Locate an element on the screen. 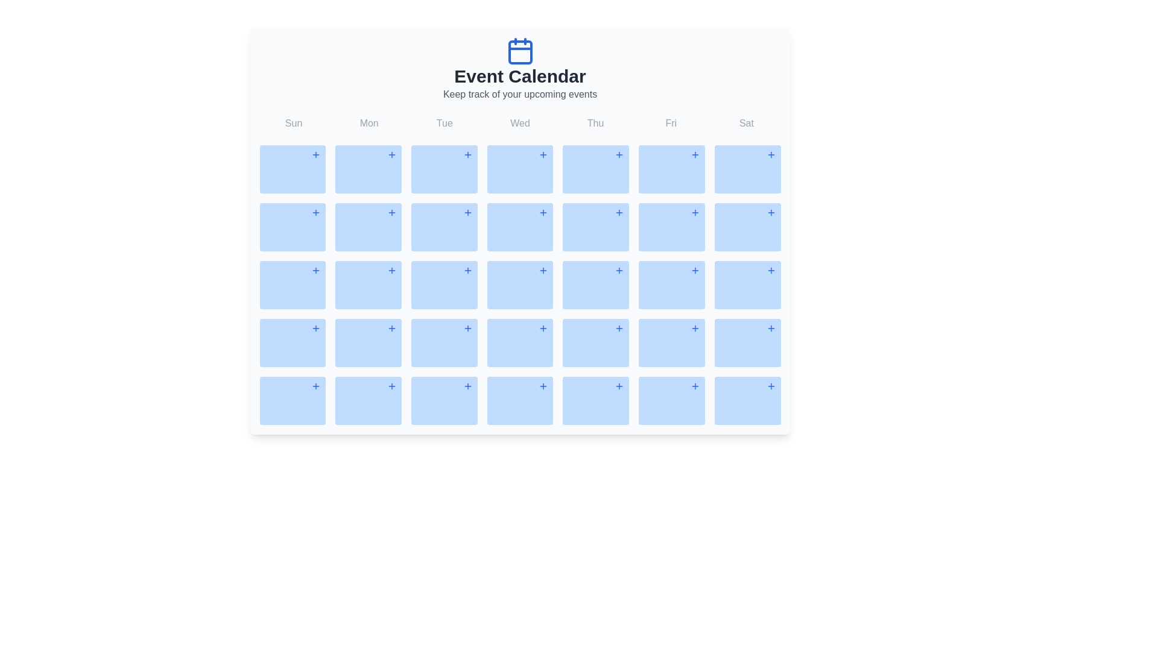 The height and width of the screenshot is (651, 1158). the last block in the sixth row of a 7-column calendar interface is located at coordinates (671, 400).